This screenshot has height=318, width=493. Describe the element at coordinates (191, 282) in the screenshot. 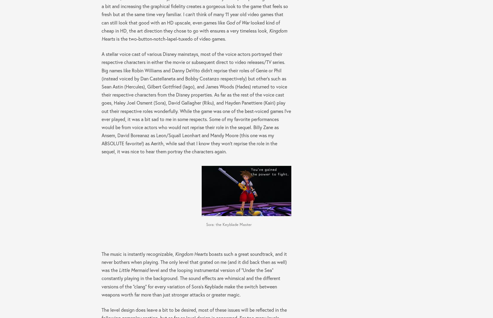

I see `'level and the looping instrumental version of “Under
the Sea” constantly playing in the background. The sound effects are whimsical
and the different versions of the “clang” for every variation of Sora’s
Keyblade make the switch between weapons worth far more than just stronger
attacks or greater magic.'` at that location.